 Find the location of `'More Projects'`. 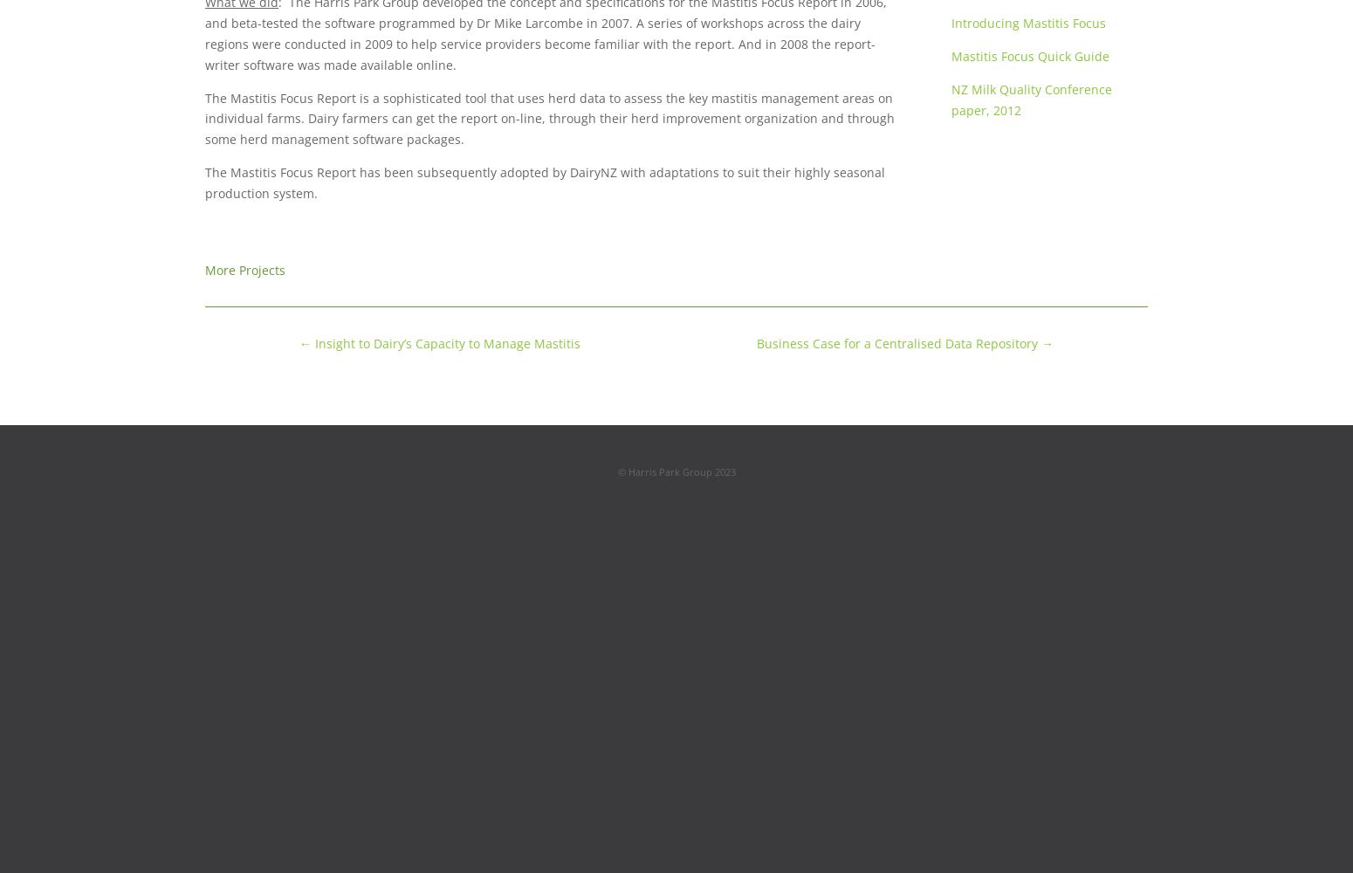

'More Projects' is located at coordinates (245, 269).